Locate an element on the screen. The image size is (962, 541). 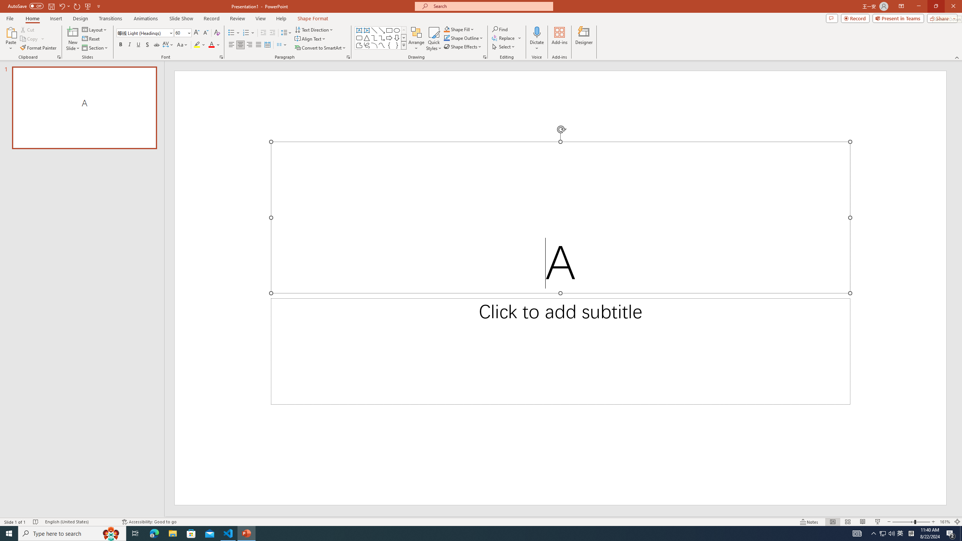
'Accessibility Checker Accessibility: Good to go' is located at coordinates (150, 522).